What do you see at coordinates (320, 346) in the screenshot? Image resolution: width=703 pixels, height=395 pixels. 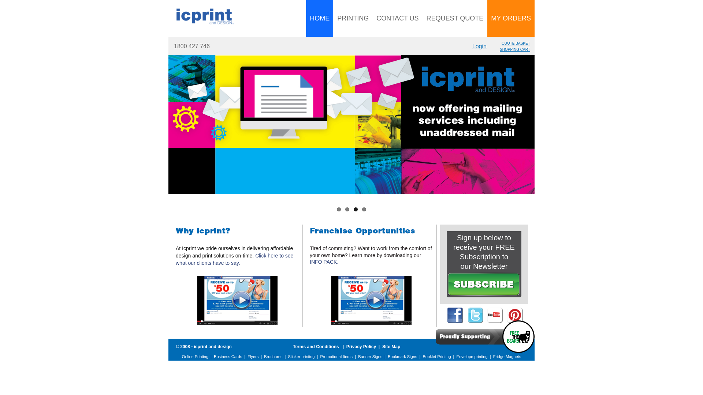 I see `'Terms and Conditions   |  '` at bounding box center [320, 346].